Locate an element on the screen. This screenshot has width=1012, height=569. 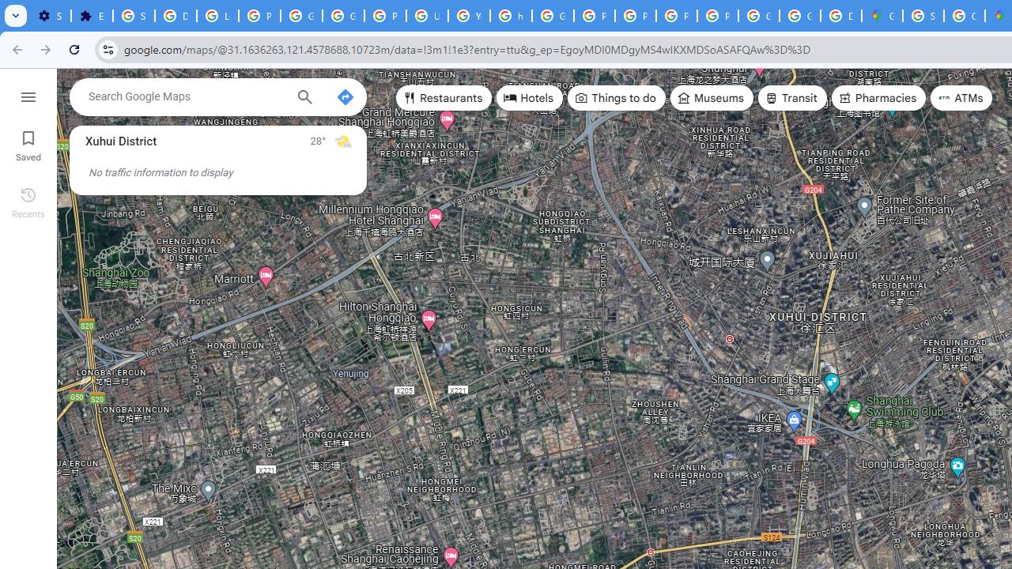
'Things to do' is located at coordinates (616, 98).